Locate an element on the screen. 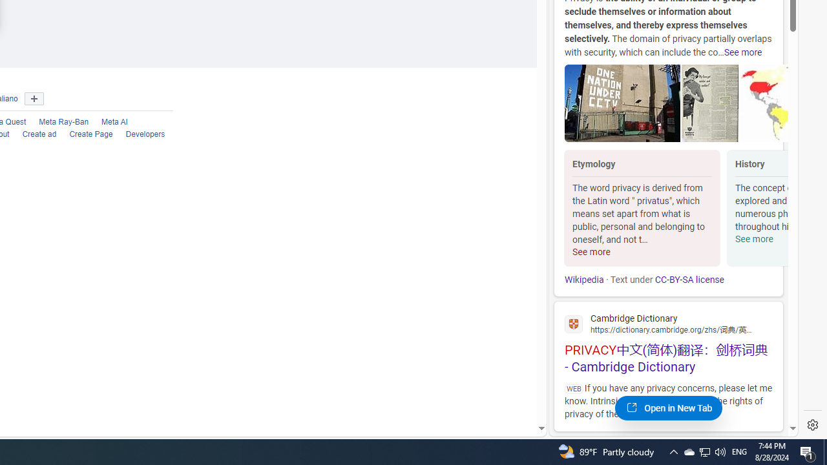  'Create Page' is located at coordinates (84, 134).